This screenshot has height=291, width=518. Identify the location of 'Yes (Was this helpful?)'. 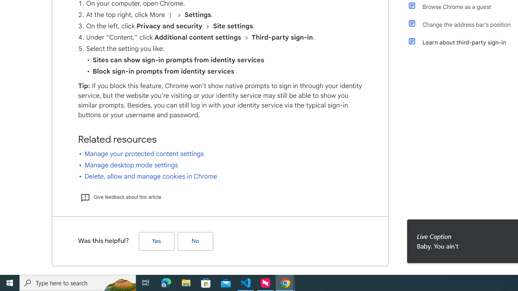
(156, 240).